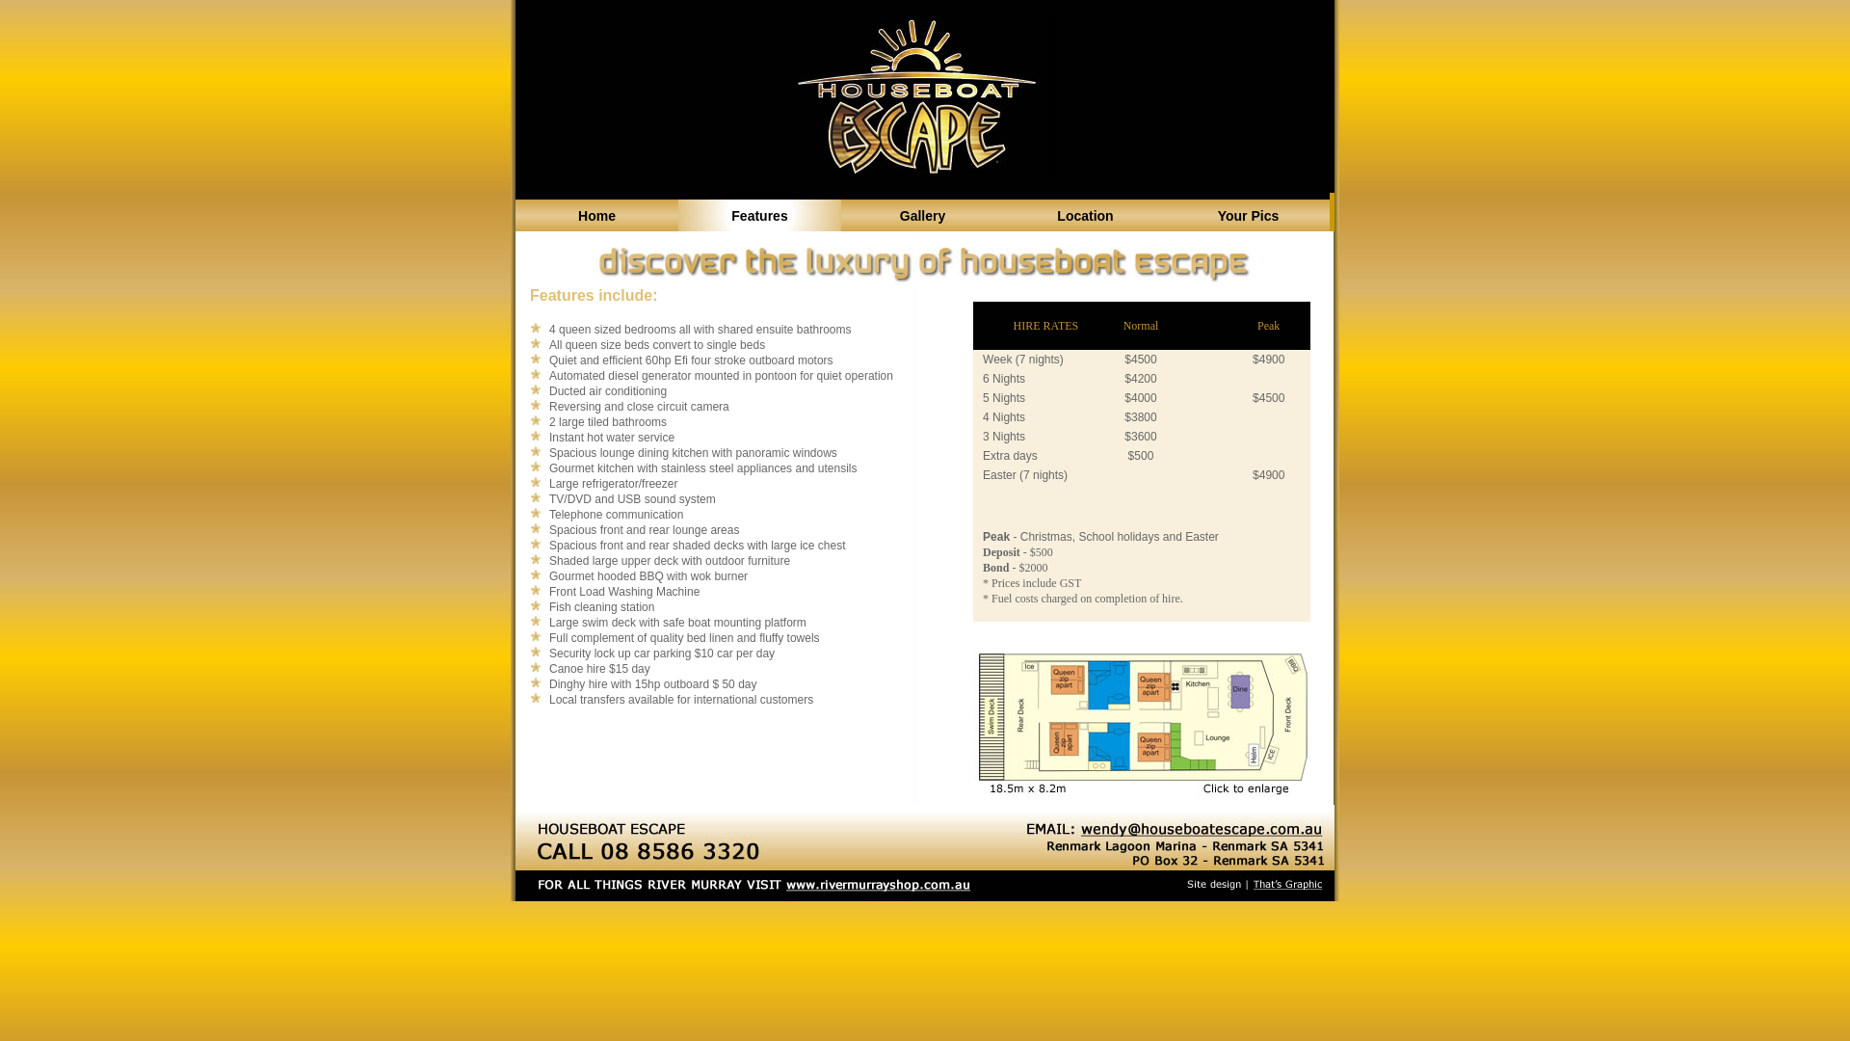 Image resolution: width=1850 pixels, height=1041 pixels. I want to click on 'Gallery', so click(921, 215).